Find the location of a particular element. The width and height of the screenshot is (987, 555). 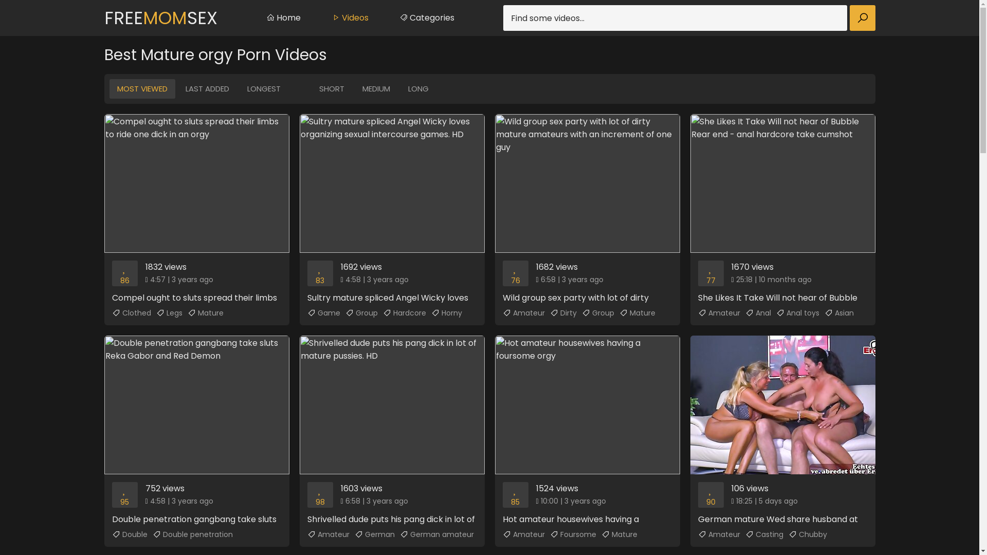

'FREEMOMSEX' is located at coordinates (160, 17).